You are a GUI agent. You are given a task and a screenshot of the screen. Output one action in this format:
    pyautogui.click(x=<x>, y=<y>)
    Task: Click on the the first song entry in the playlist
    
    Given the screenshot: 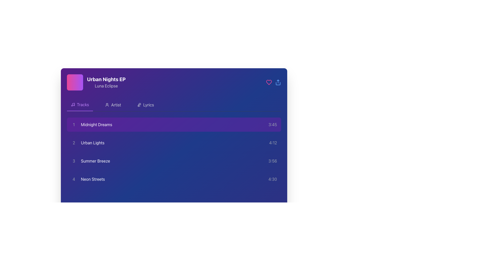 What is the action you would take?
    pyautogui.click(x=174, y=125)
    